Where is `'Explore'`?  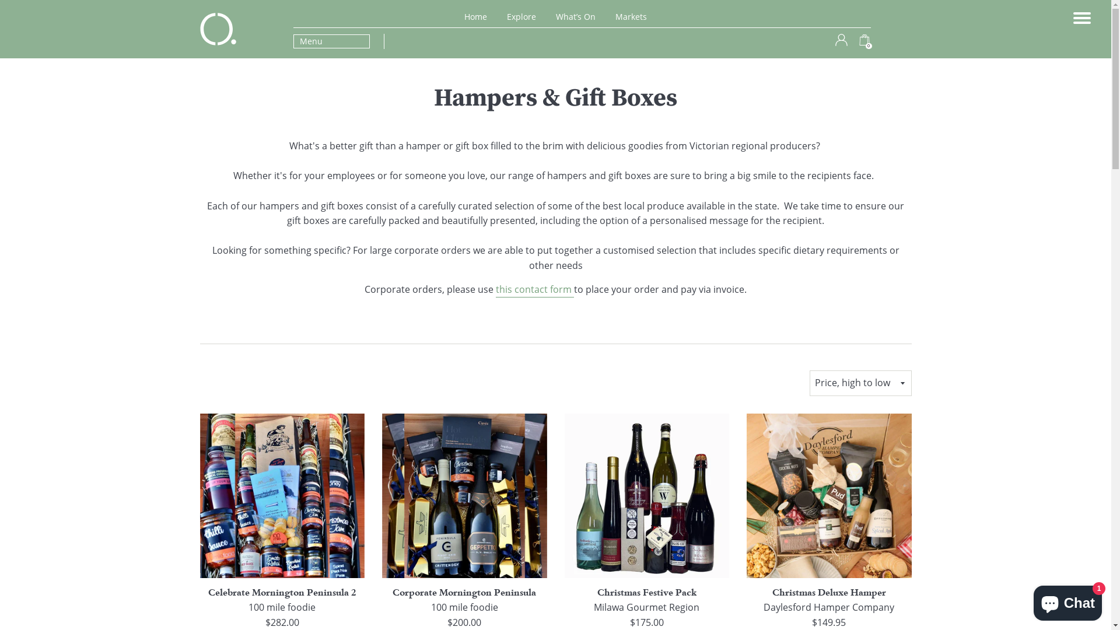 'Explore' is located at coordinates (520, 16).